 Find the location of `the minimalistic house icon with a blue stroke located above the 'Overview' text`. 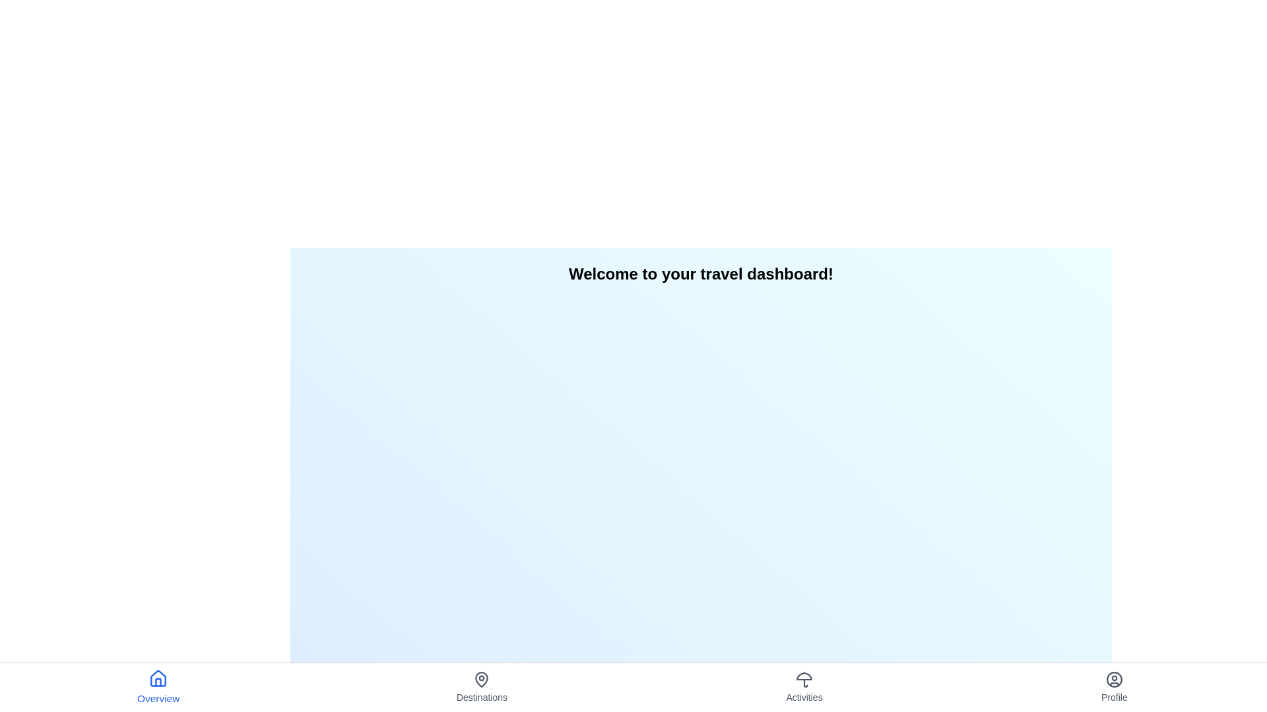

the minimalistic house icon with a blue stroke located above the 'Overview' text is located at coordinates (158, 678).